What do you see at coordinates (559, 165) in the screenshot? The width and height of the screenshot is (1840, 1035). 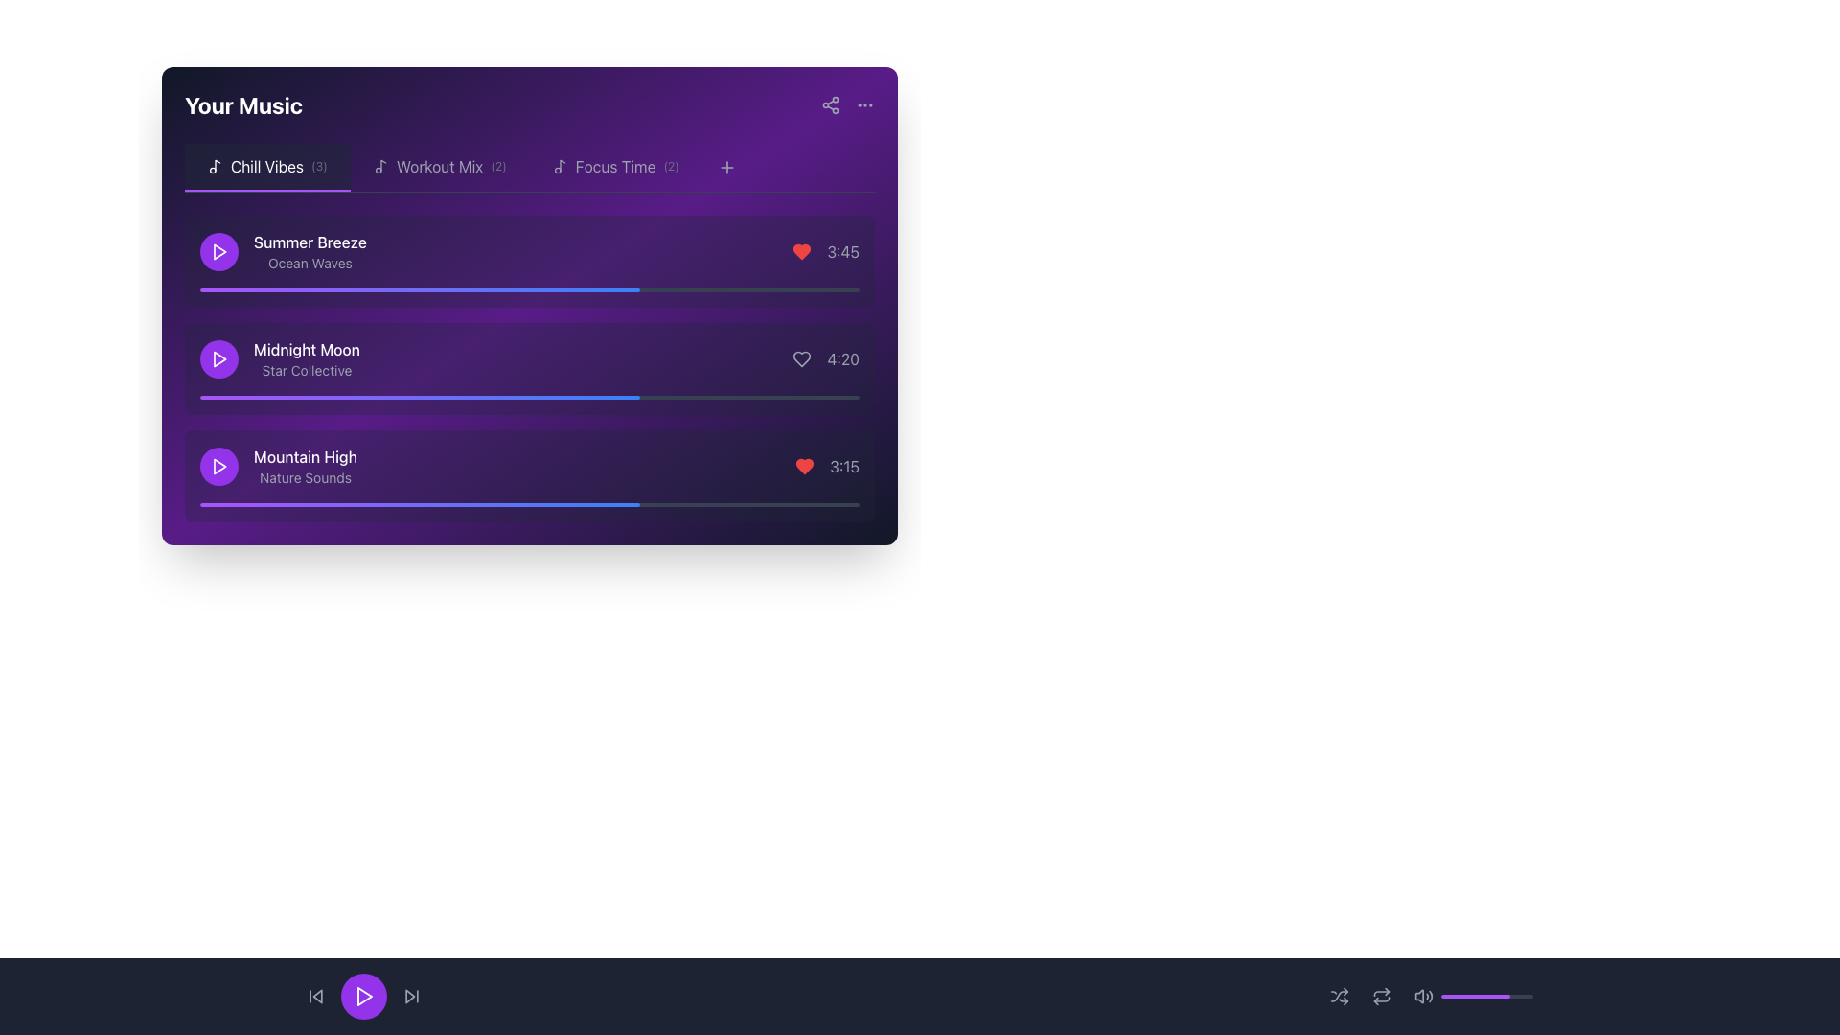 I see `the 'Focus Time' icon located to the left of the 'Focus Time' title text within the 'Focus Time (2)' section of the navigation tabs under 'Your Music'` at bounding box center [559, 165].